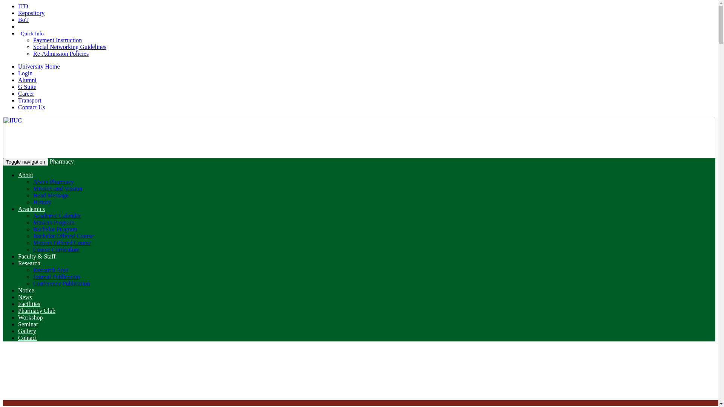 The image size is (724, 407). Describe the element at coordinates (53, 182) in the screenshot. I see `'About Pharmacy'` at that location.